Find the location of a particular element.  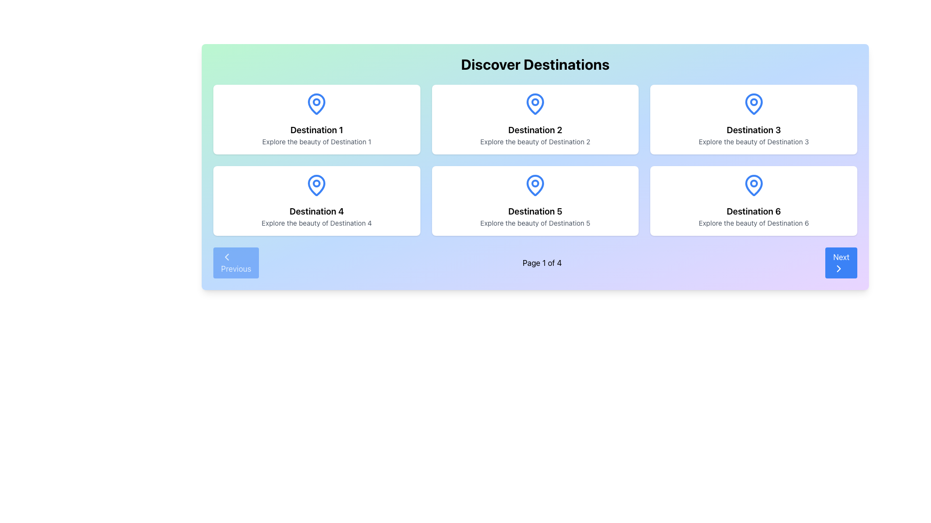

the bold text element reading 'Destination 6' which is centered within the bottom-right card of a 2x3 grid layout is located at coordinates (753, 211).